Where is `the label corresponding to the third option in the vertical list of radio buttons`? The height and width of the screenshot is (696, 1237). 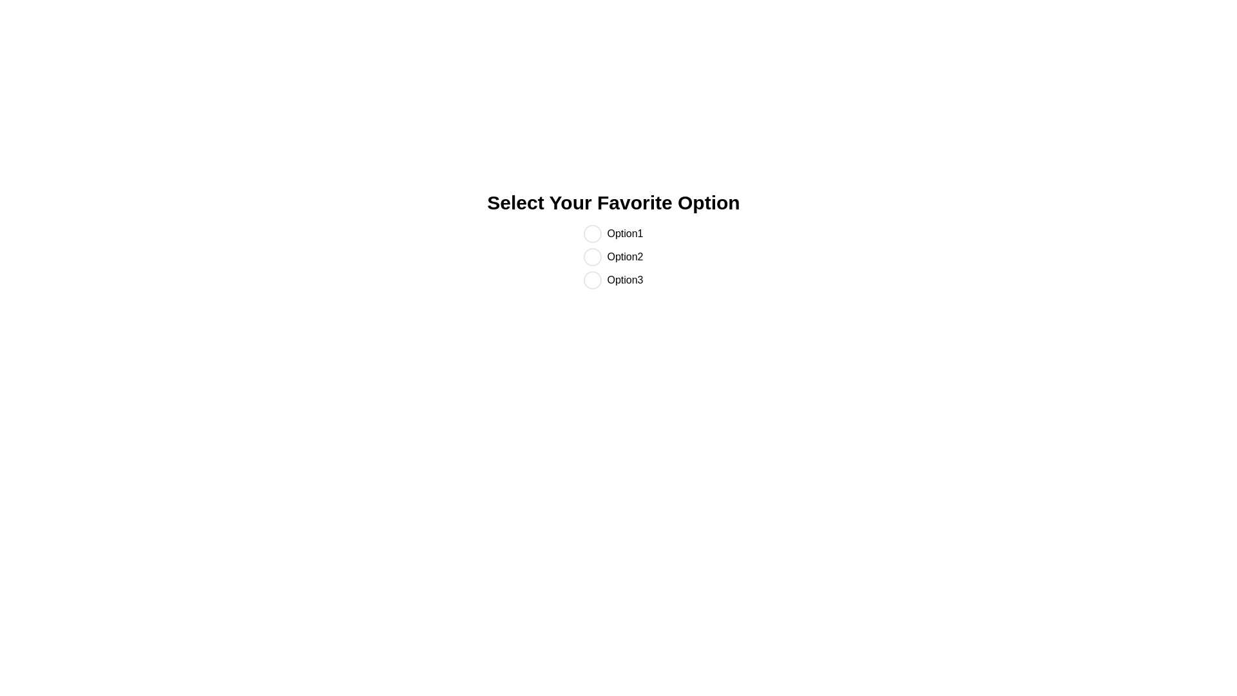
the label corresponding to the third option in the vertical list of radio buttons is located at coordinates (625, 280).